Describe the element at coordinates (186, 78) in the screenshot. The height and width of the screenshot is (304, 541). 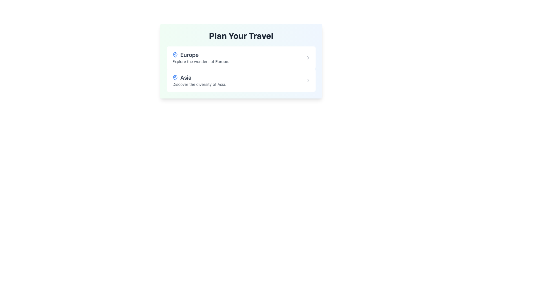
I see `the text label that serves as a title for Asia-related content, positioned to the right of a blue map pin icon under the 'Plan Your Travel' section` at that location.